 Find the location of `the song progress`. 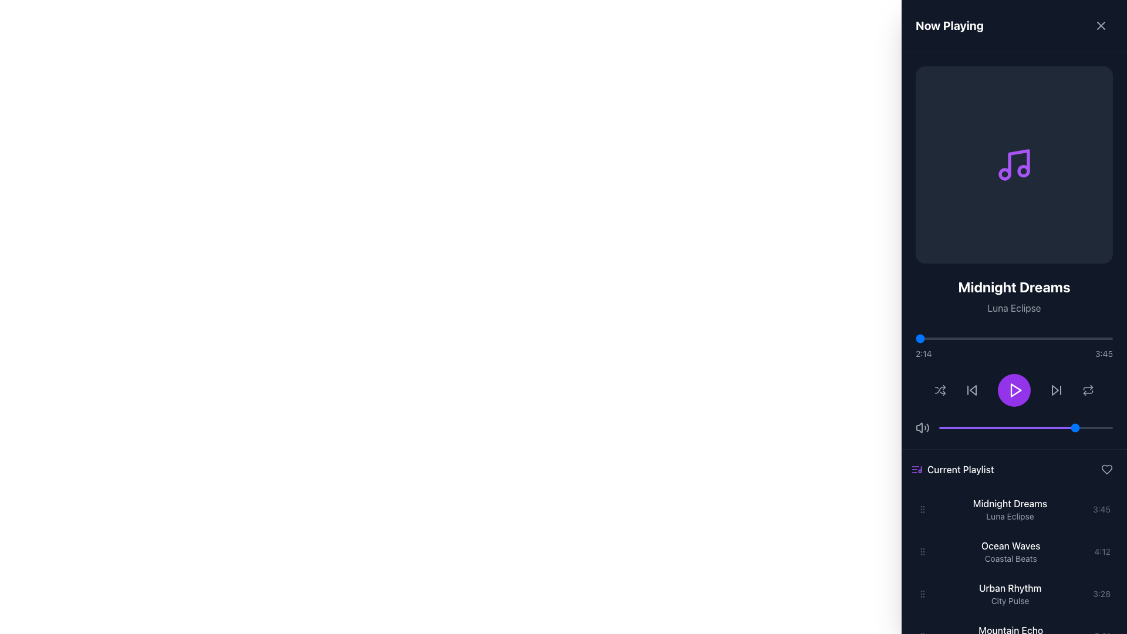

the song progress is located at coordinates (990, 339).